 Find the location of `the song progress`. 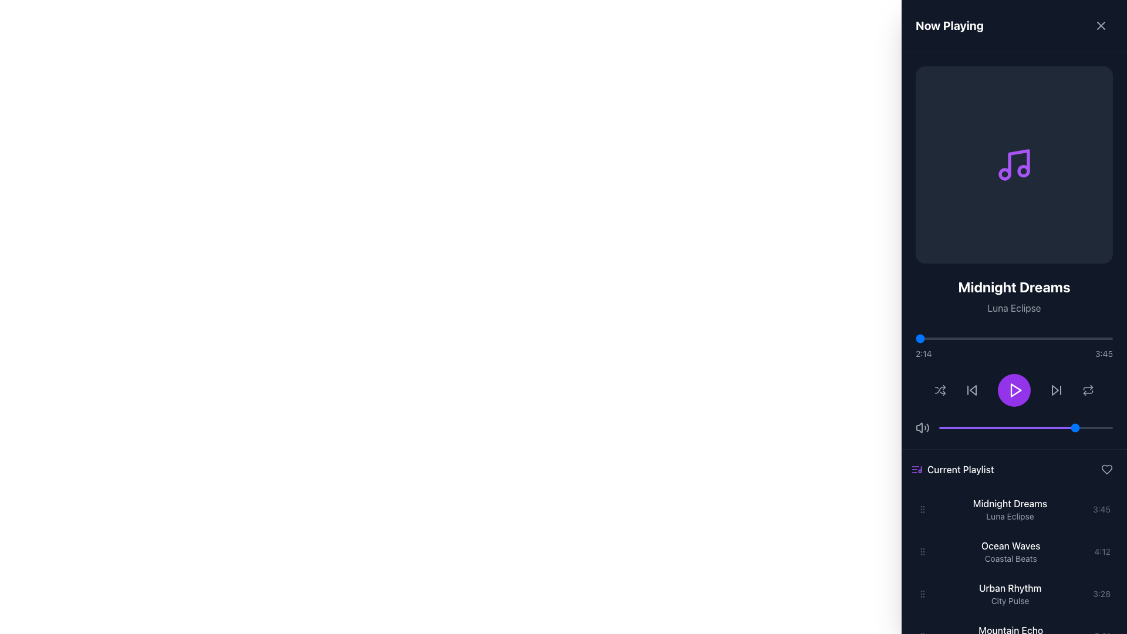

the song progress is located at coordinates (990, 339).